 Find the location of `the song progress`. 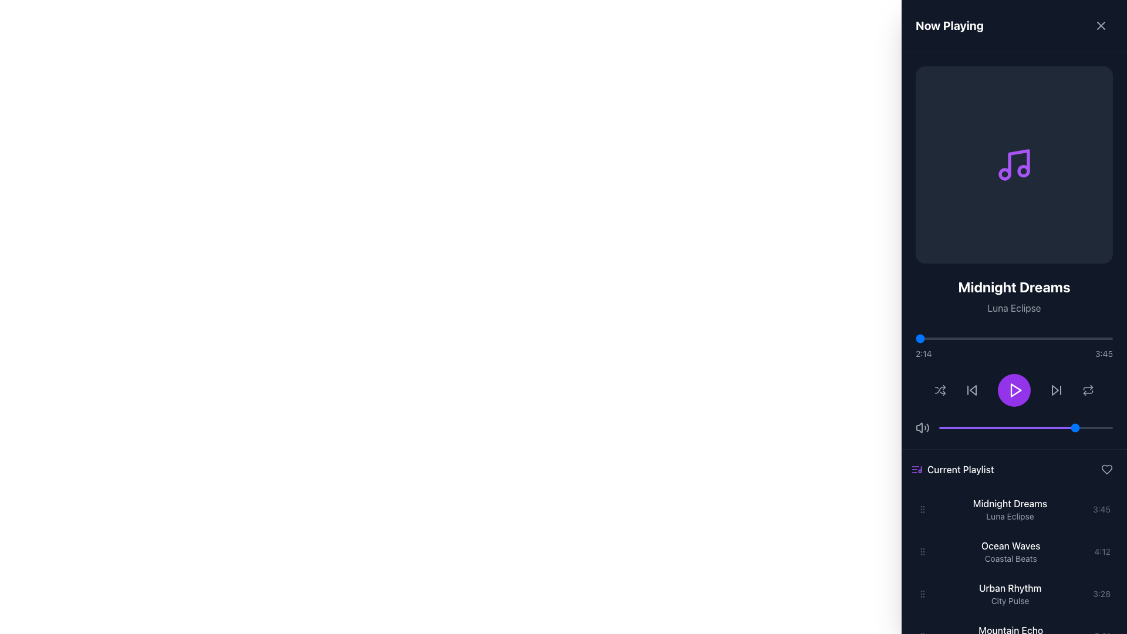

the song progress is located at coordinates (990, 339).